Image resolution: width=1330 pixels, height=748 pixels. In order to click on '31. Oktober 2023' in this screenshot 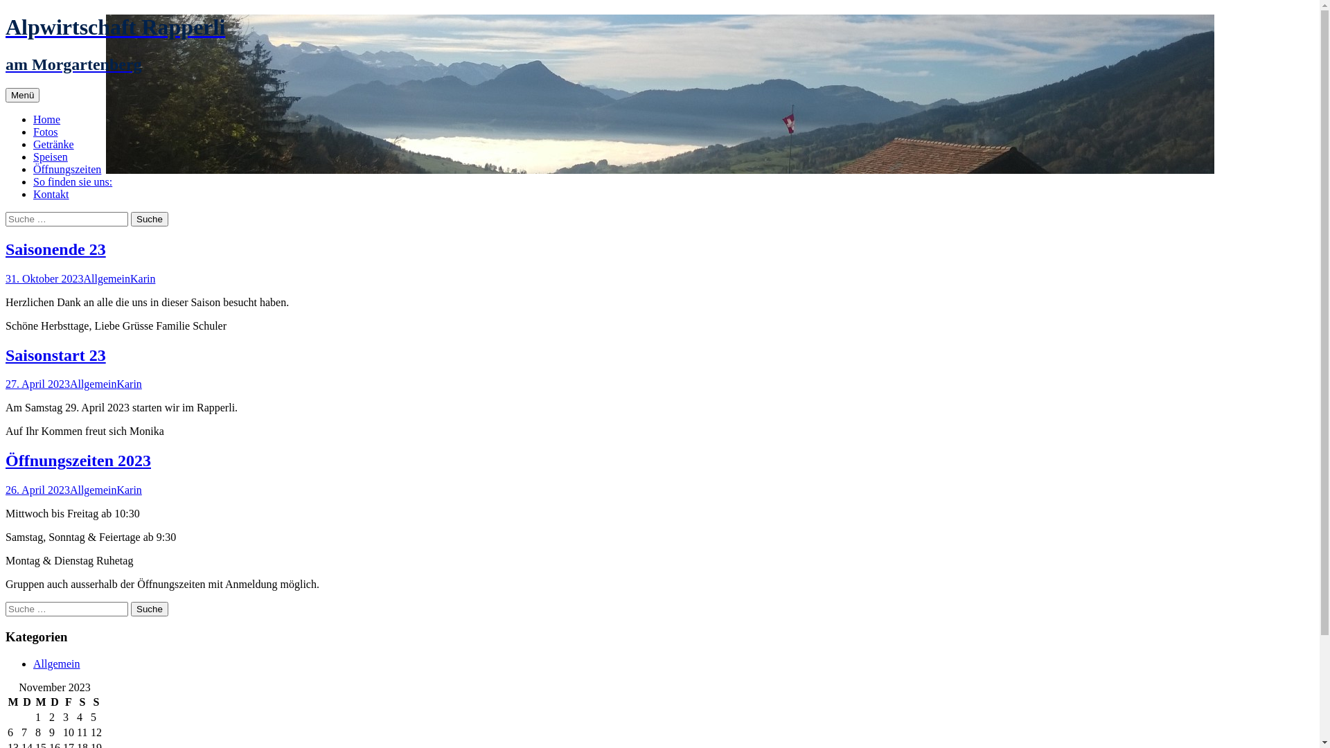, I will do `click(44, 278)`.